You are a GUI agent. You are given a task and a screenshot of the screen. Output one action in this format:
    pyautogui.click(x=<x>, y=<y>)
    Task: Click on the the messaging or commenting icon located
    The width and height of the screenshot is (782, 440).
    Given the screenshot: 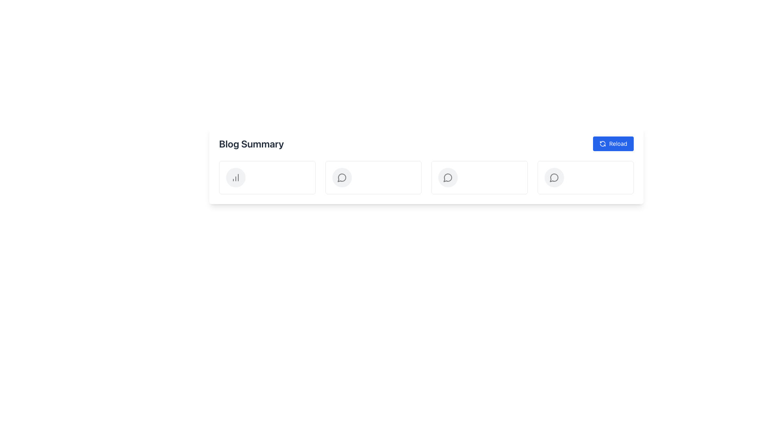 What is the action you would take?
    pyautogui.click(x=554, y=177)
    